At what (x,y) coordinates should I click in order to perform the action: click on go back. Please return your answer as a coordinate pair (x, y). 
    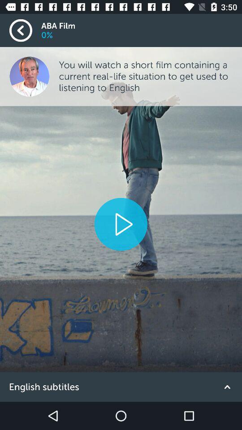
    Looking at the image, I should click on (25, 30).